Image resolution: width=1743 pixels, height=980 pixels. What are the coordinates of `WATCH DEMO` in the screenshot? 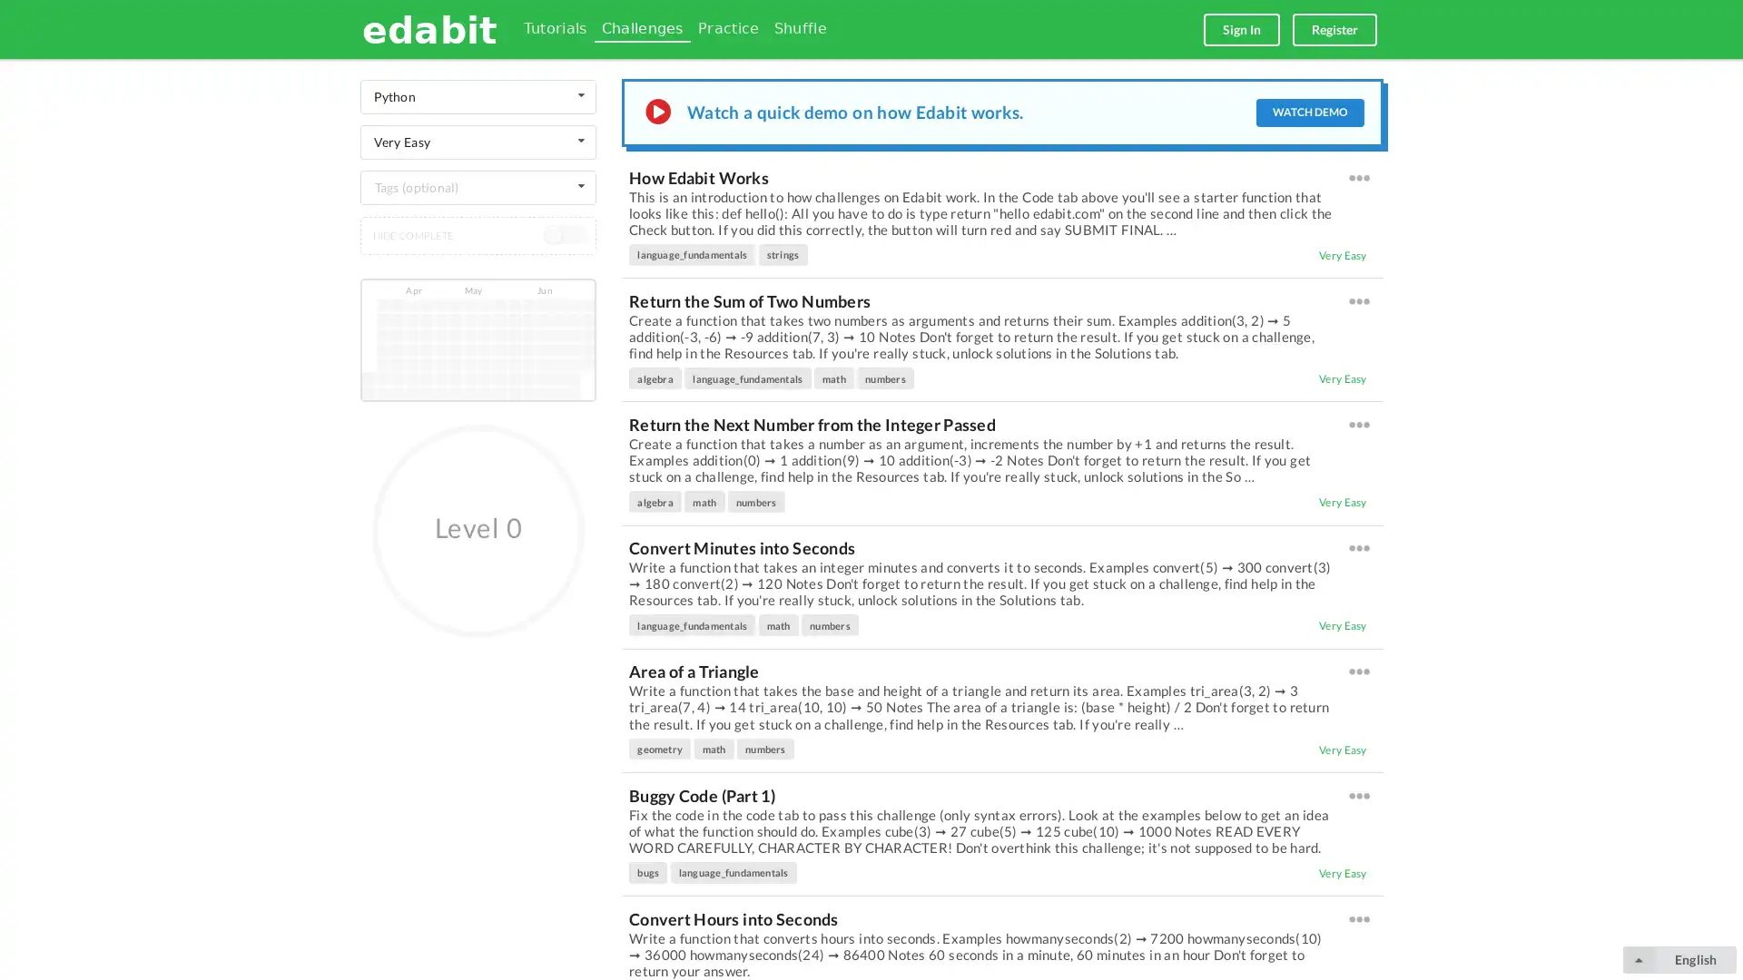 It's located at (1309, 112).